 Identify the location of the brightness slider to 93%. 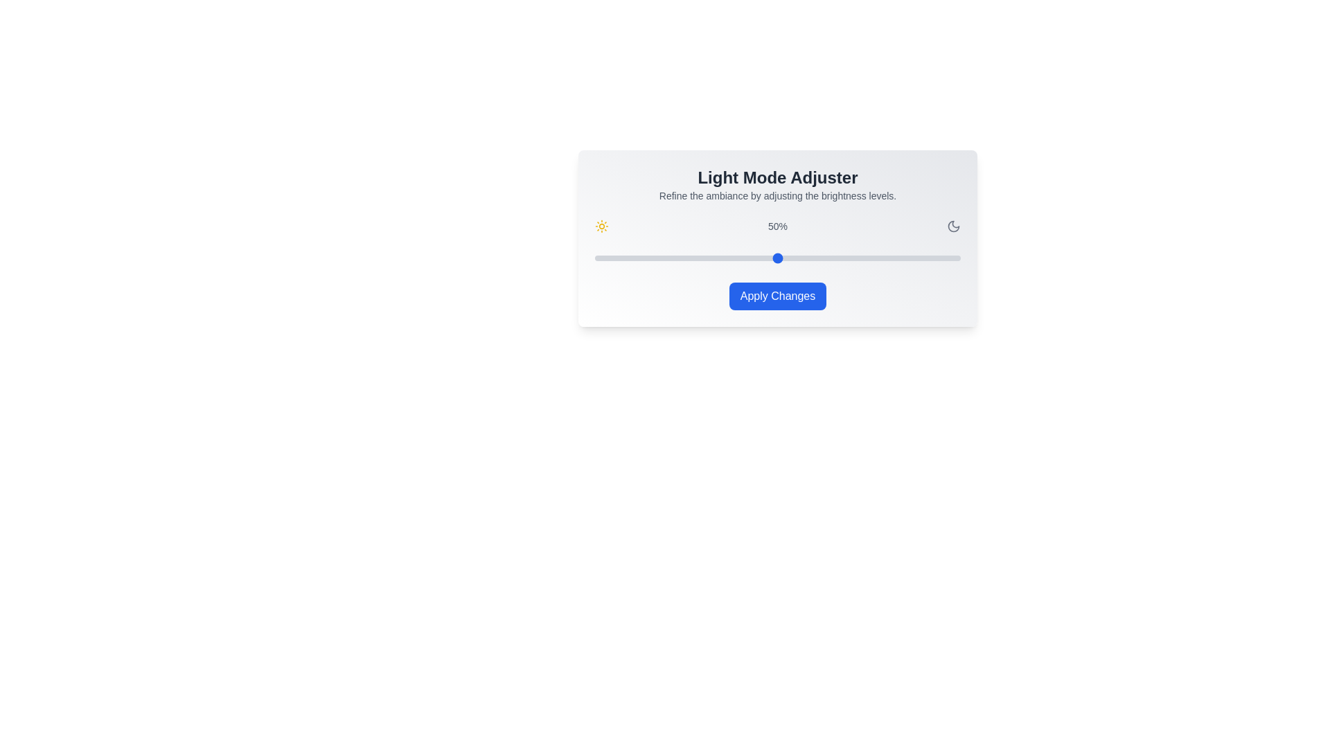
(934, 258).